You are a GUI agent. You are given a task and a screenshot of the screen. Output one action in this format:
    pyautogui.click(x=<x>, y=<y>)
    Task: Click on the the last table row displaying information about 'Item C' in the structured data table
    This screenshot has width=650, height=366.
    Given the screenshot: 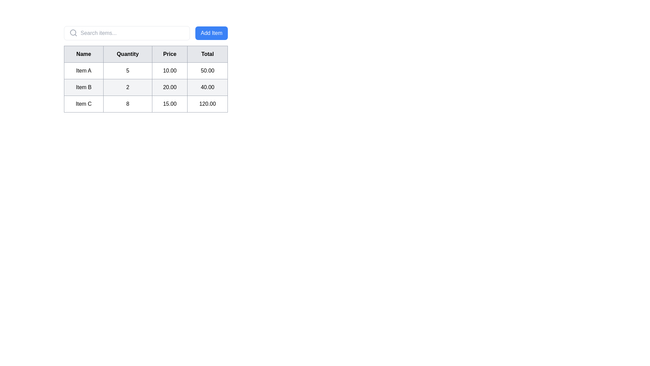 What is the action you would take?
    pyautogui.click(x=146, y=104)
    